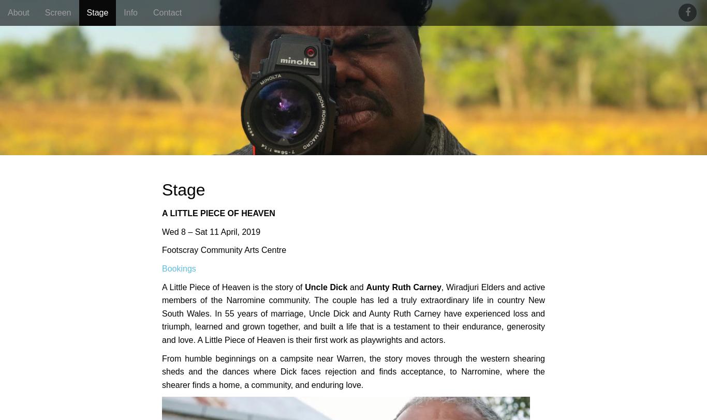 Image resolution: width=707 pixels, height=420 pixels. Describe the element at coordinates (357, 287) in the screenshot. I see `'and'` at that location.